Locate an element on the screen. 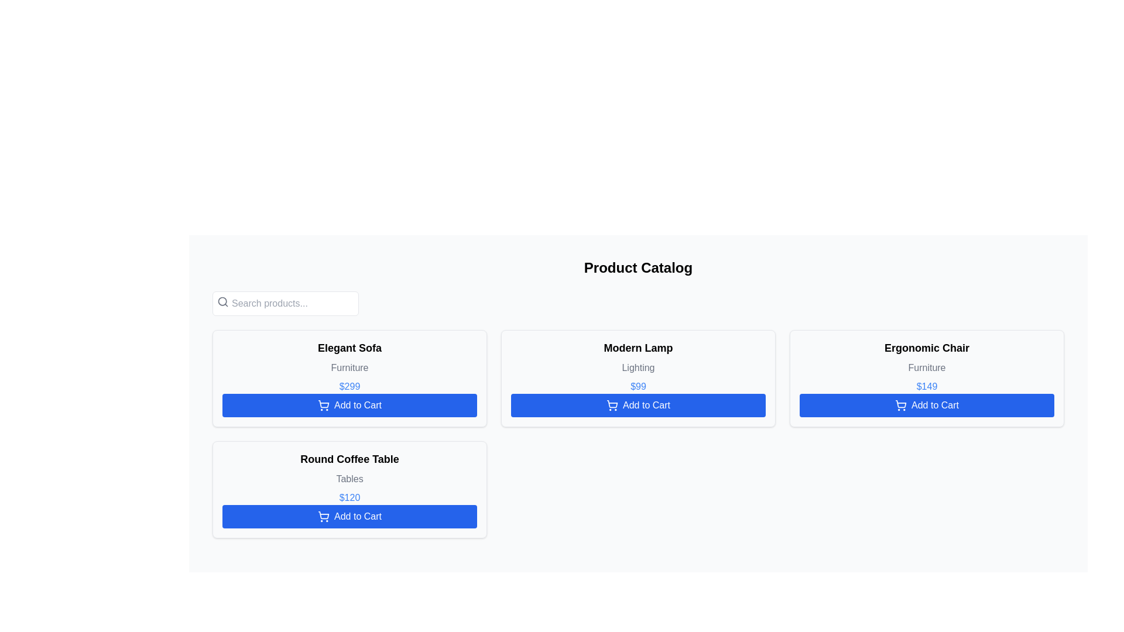  the 'Add to Cart' button for the 'Elegant Sofa' product is located at coordinates (349, 405).